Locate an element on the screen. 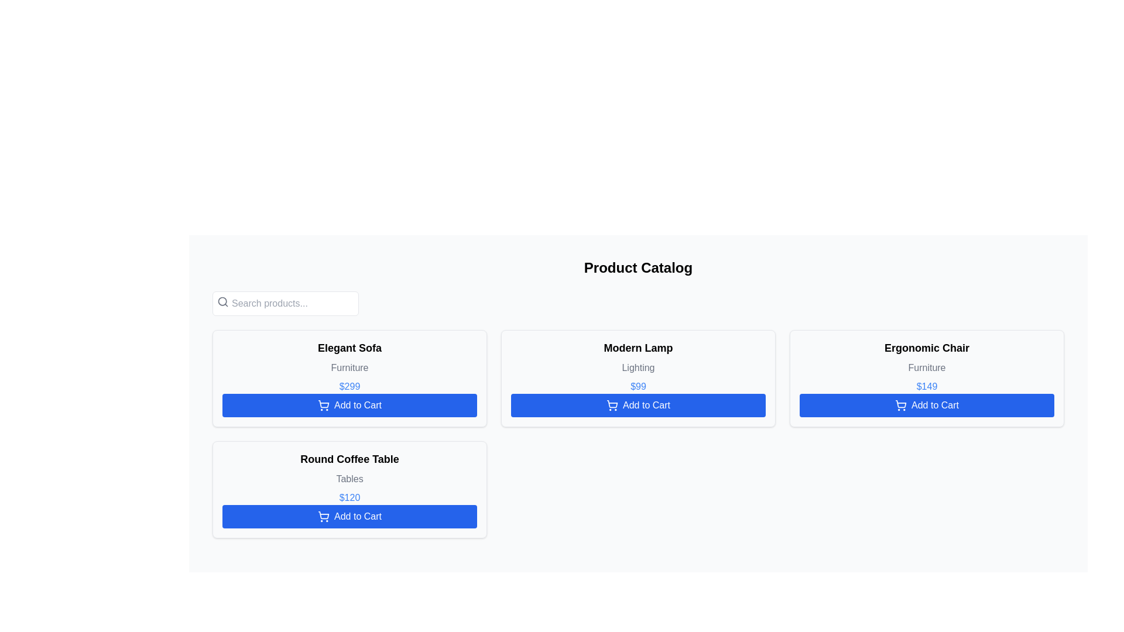  the 'Add to Cart' button for the 'Elegant Sofa' product is located at coordinates (349, 405).